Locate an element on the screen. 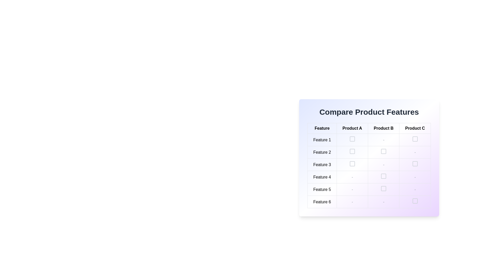  the interactive checkbox under 'Product B' for 'Feature 4' is located at coordinates (384, 176).